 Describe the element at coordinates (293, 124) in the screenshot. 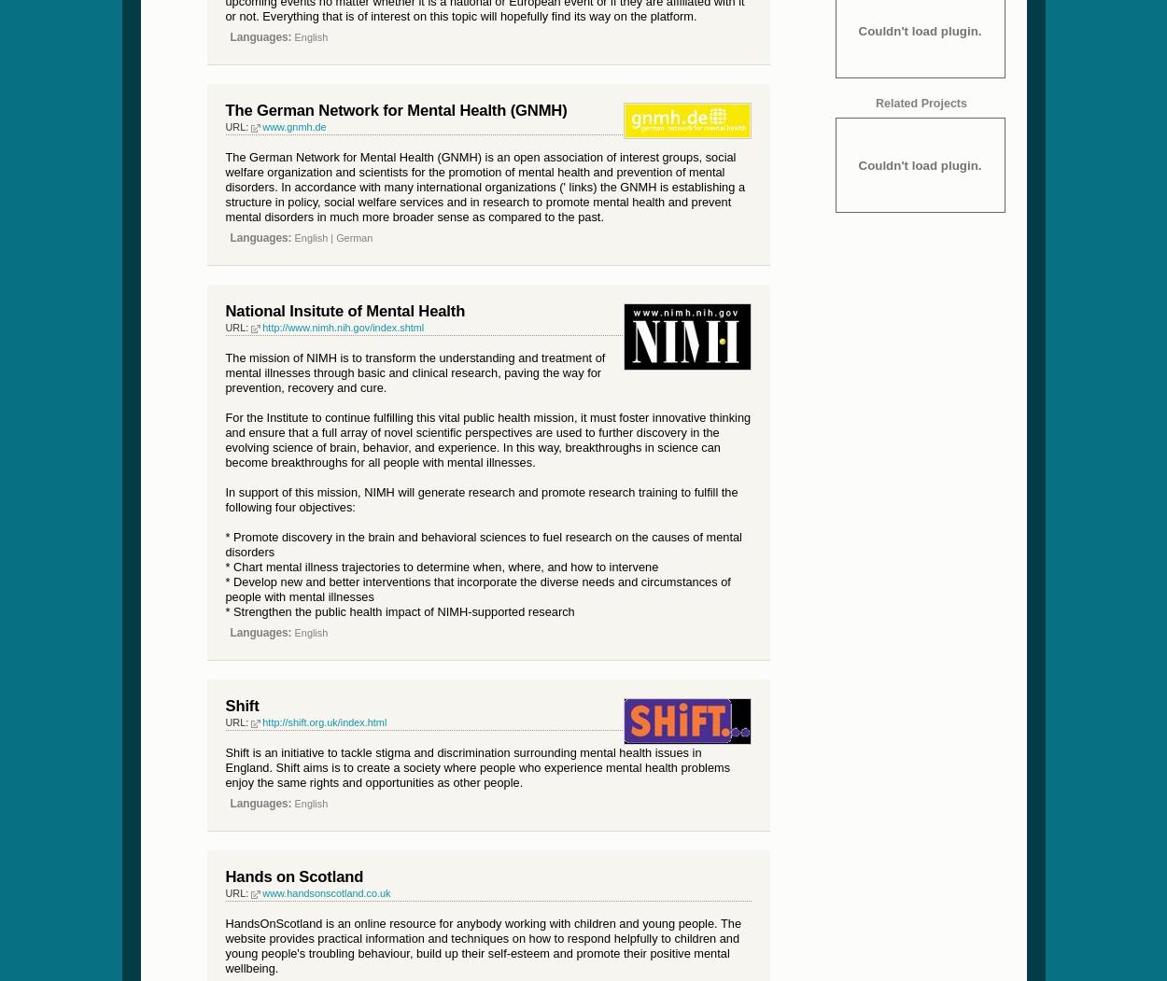

I see `'www.gnmh.de'` at that location.